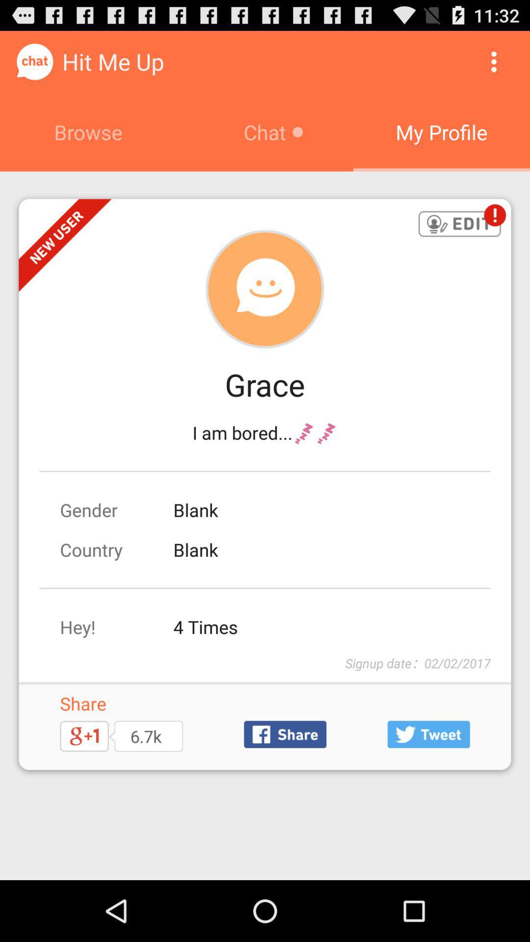 The width and height of the screenshot is (530, 942). Describe the element at coordinates (459, 224) in the screenshot. I see `edit user button` at that location.